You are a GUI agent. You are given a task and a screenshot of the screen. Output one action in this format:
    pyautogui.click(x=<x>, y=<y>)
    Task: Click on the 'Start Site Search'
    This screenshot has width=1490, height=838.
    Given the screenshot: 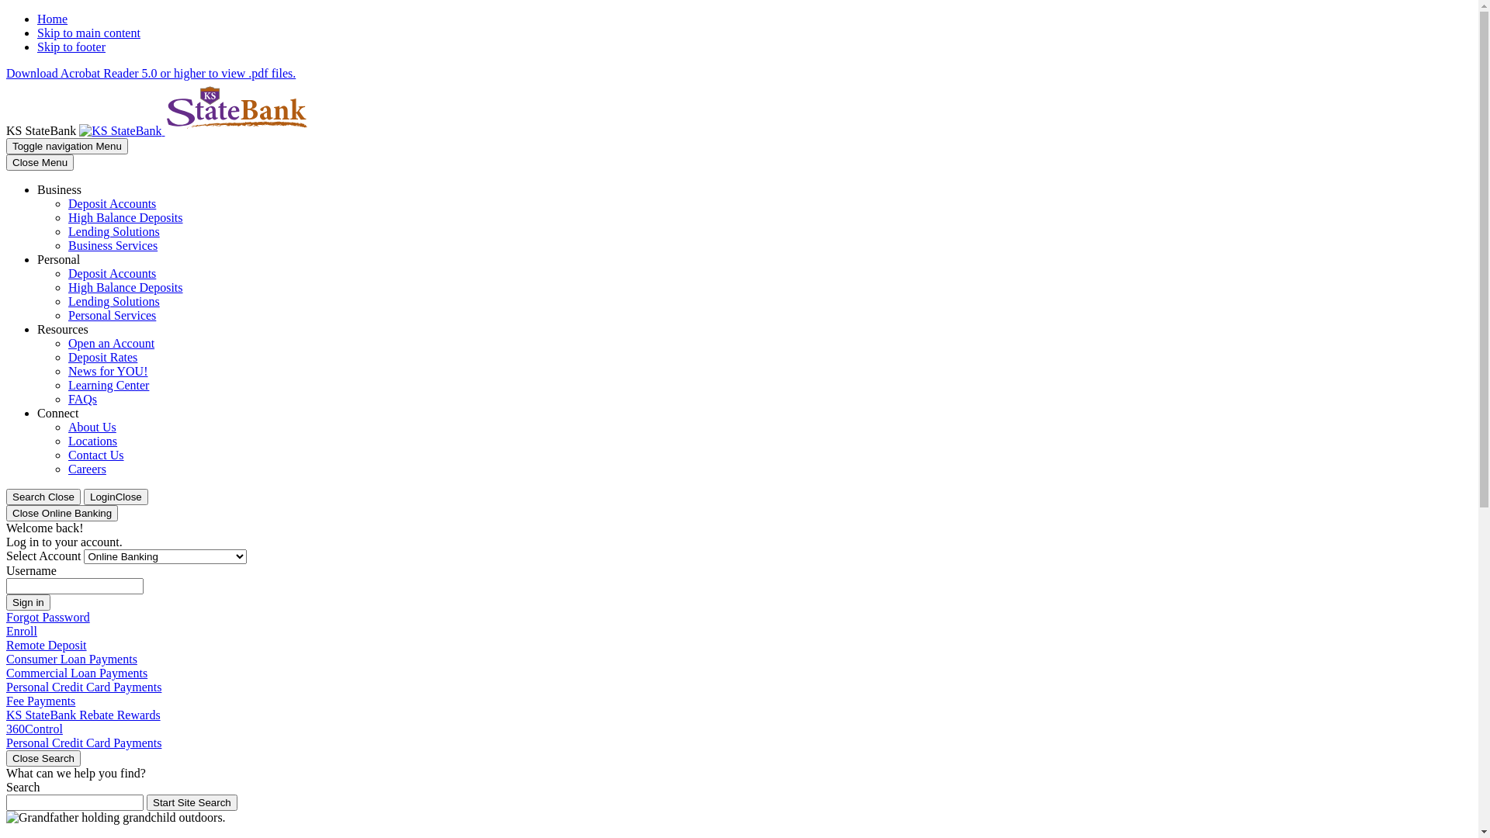 What is the action you would take?
    pyautogui.click(x=191, y=802)
    